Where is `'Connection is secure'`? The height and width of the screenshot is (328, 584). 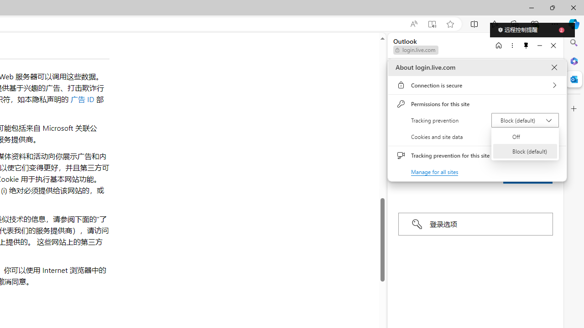
'Connection is secure' is located at coordinates (477, 85).